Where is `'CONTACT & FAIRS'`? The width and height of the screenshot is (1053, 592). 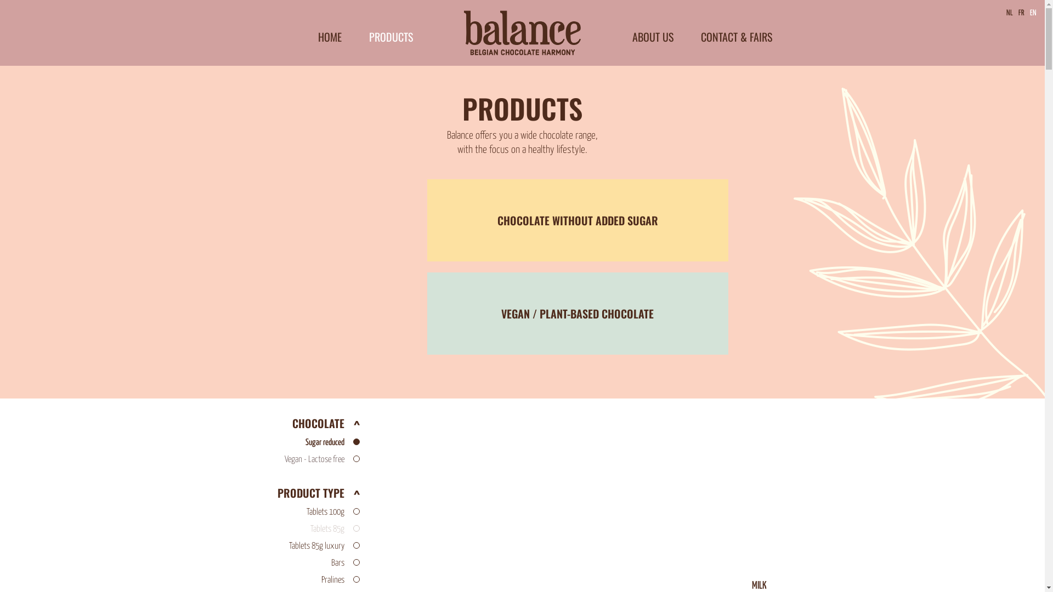 'CONTACT & FAIRS' is located at coordinates (700, 36).